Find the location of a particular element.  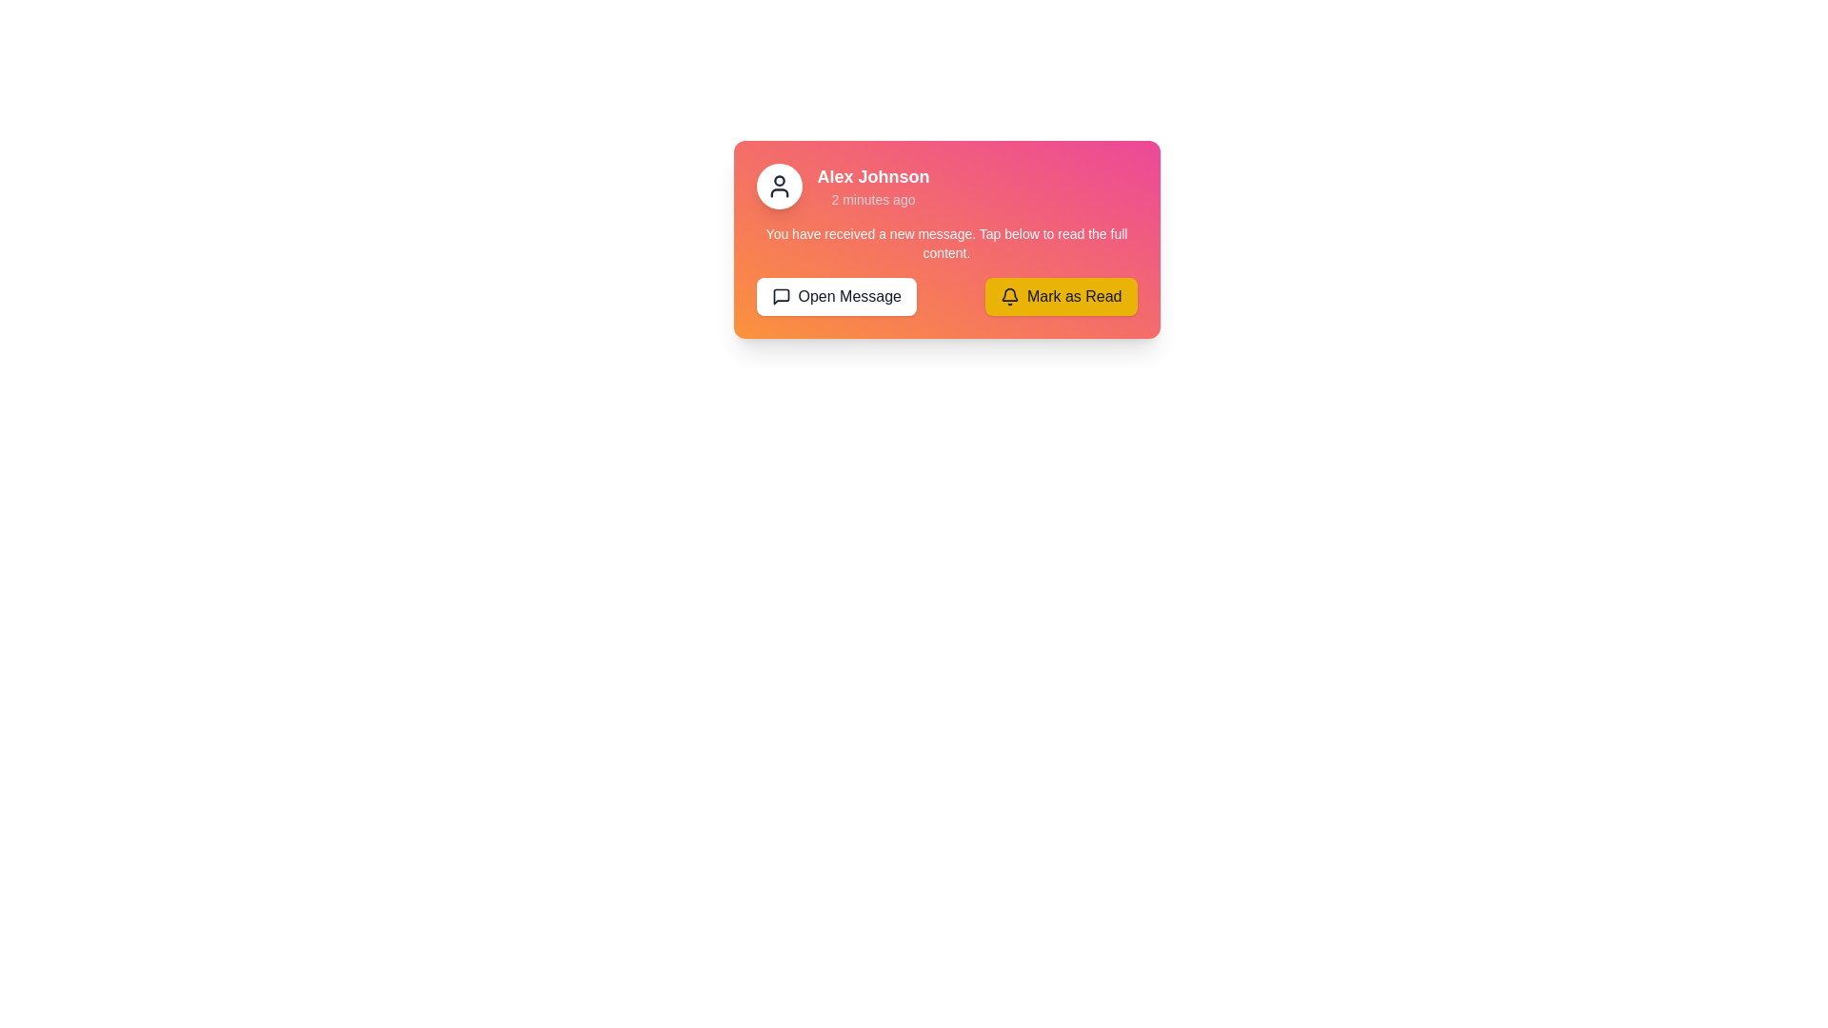

the white circular icon with a user profile pictogram, located in the top-left corner of the notification card associated with the user 'Alex Johnson' is located at coordinates (779, 187).